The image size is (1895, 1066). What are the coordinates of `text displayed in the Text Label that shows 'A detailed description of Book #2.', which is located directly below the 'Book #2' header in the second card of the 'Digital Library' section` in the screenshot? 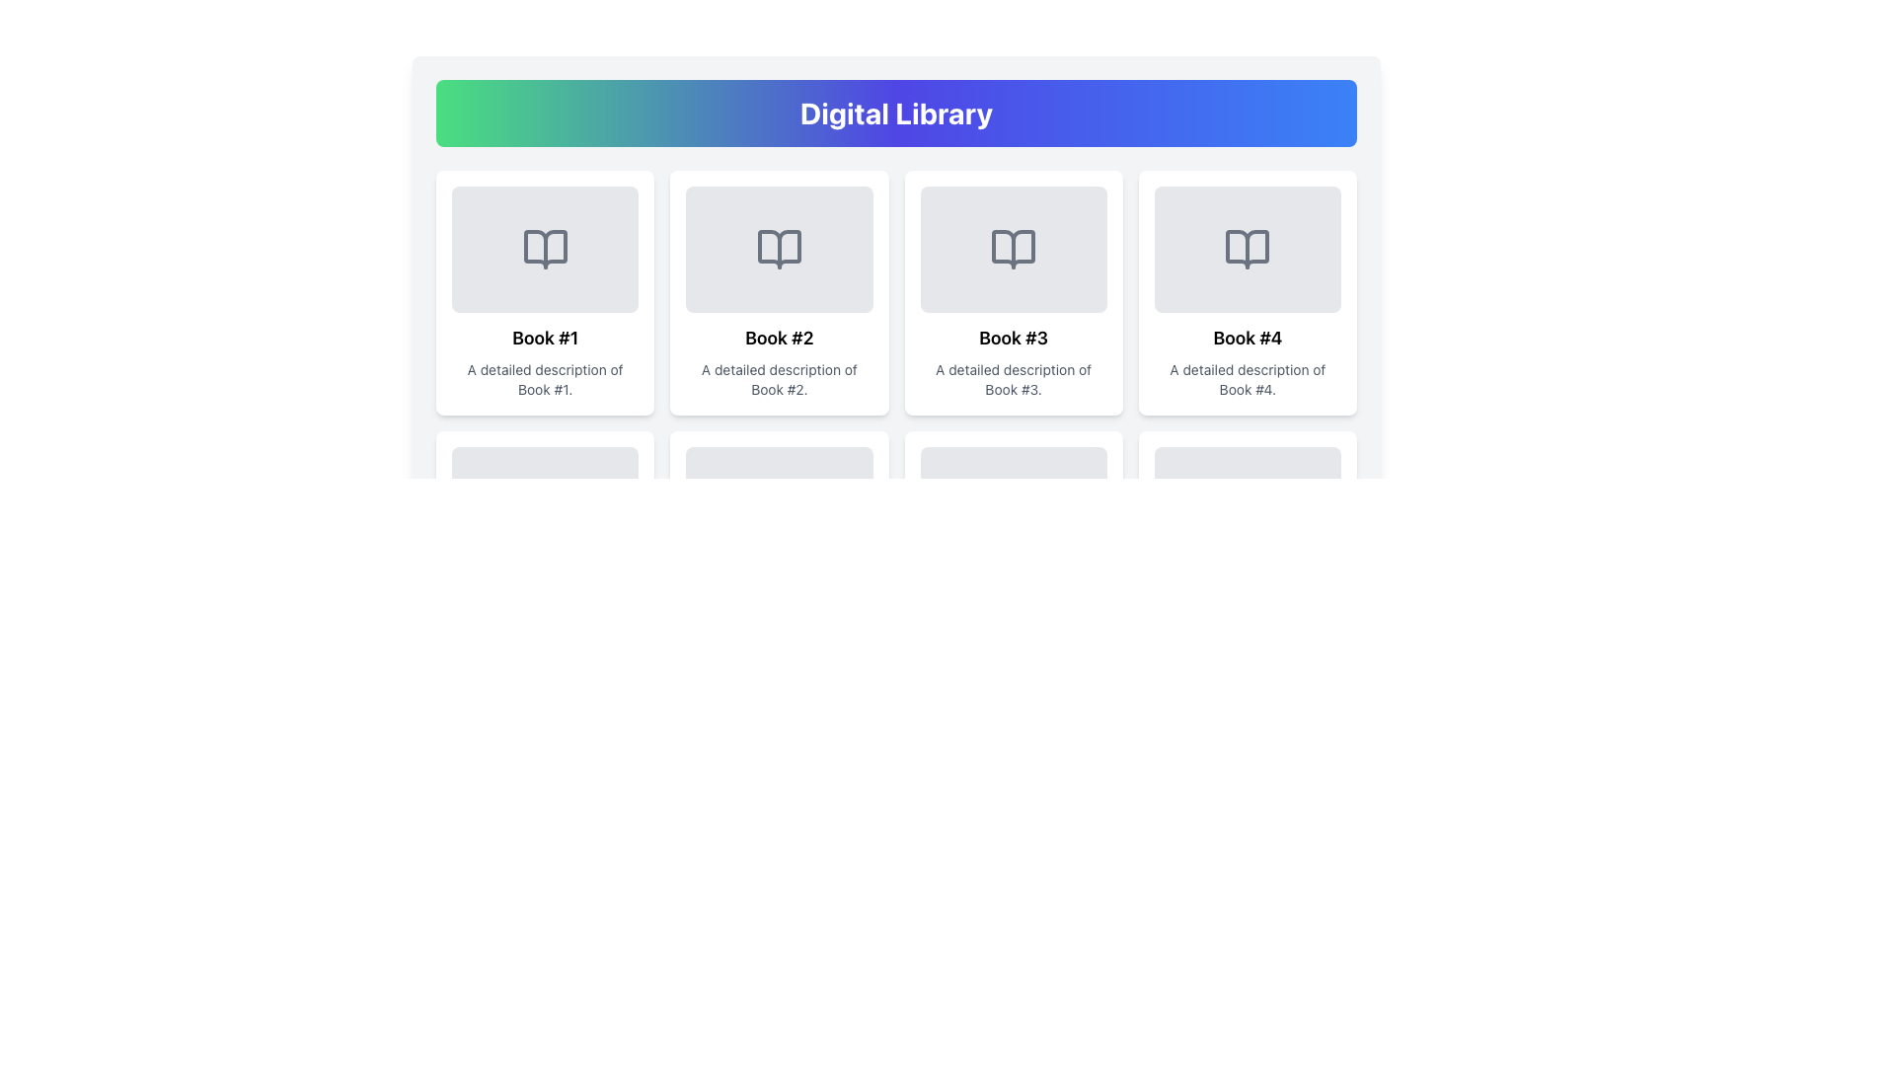 It's located at (778, 380).